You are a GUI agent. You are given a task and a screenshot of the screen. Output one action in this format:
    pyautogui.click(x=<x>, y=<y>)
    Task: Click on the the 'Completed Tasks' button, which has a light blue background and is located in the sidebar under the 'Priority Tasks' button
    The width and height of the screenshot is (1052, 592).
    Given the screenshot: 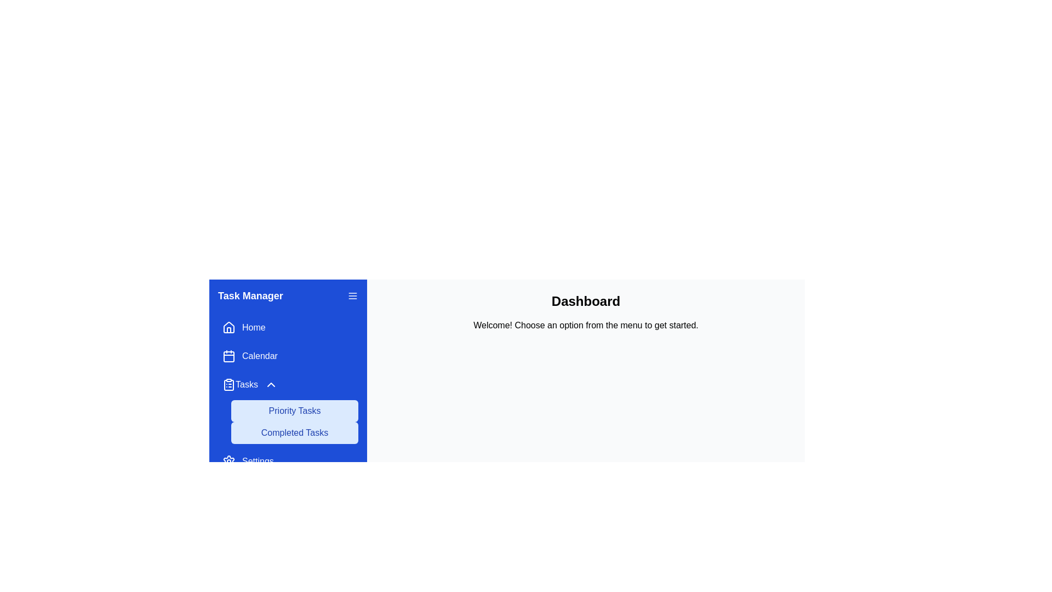 What is the action you would take?
    pyautogui.click(x=294, y=432)
    